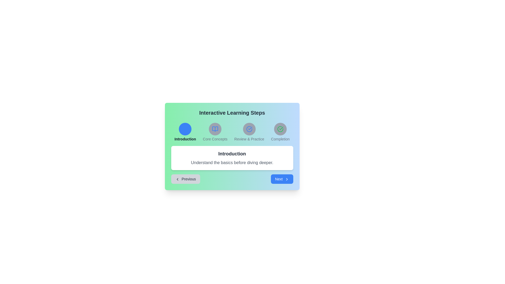 The height and width of the screenshot is (284, 505). Describe the element at coordinates (215, 132) in the screenshot. I see `the 'Core Concepts' labelled icon component which serves as a navigation indicator in the interactive learning module` at that location.